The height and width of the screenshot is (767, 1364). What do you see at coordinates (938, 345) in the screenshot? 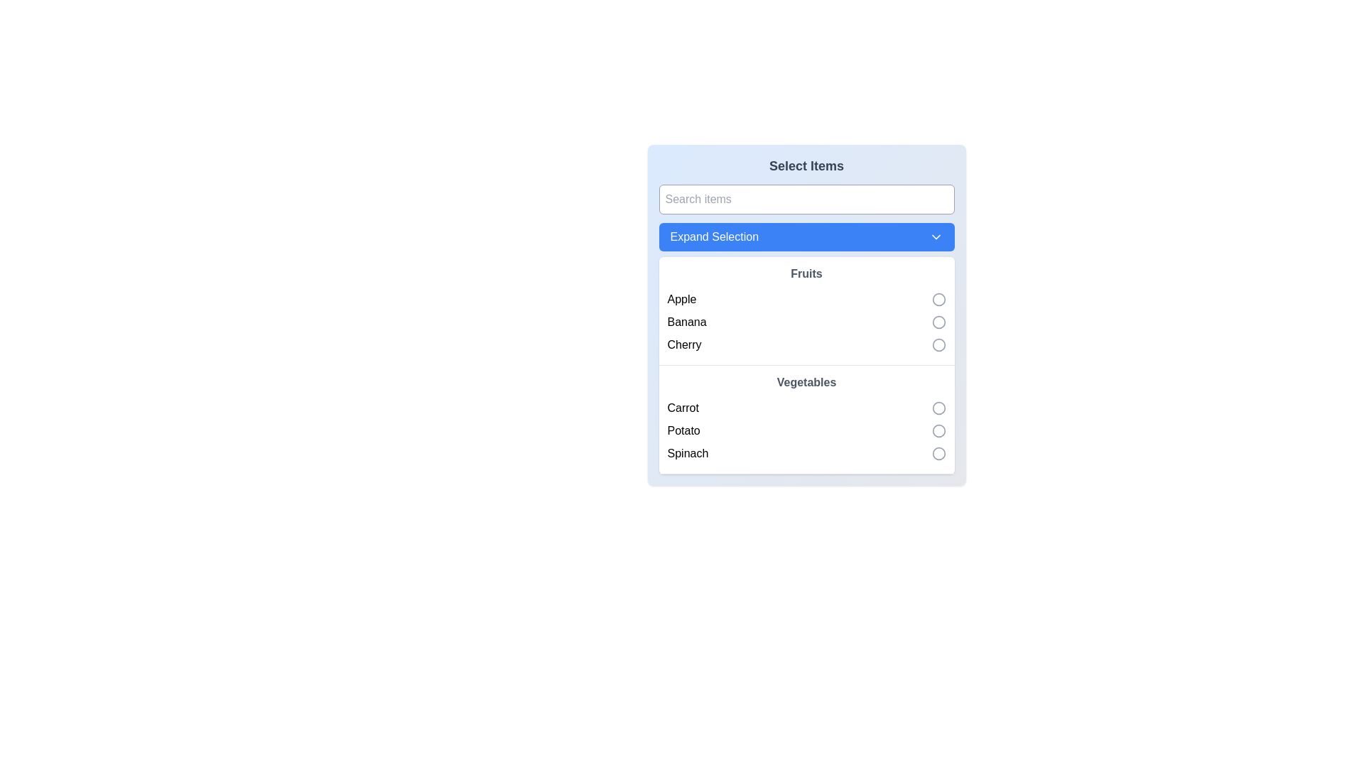
I see `the radio button next to the 'Cherry' label in the 'Fruits' section` at bounding box center [938, 345].